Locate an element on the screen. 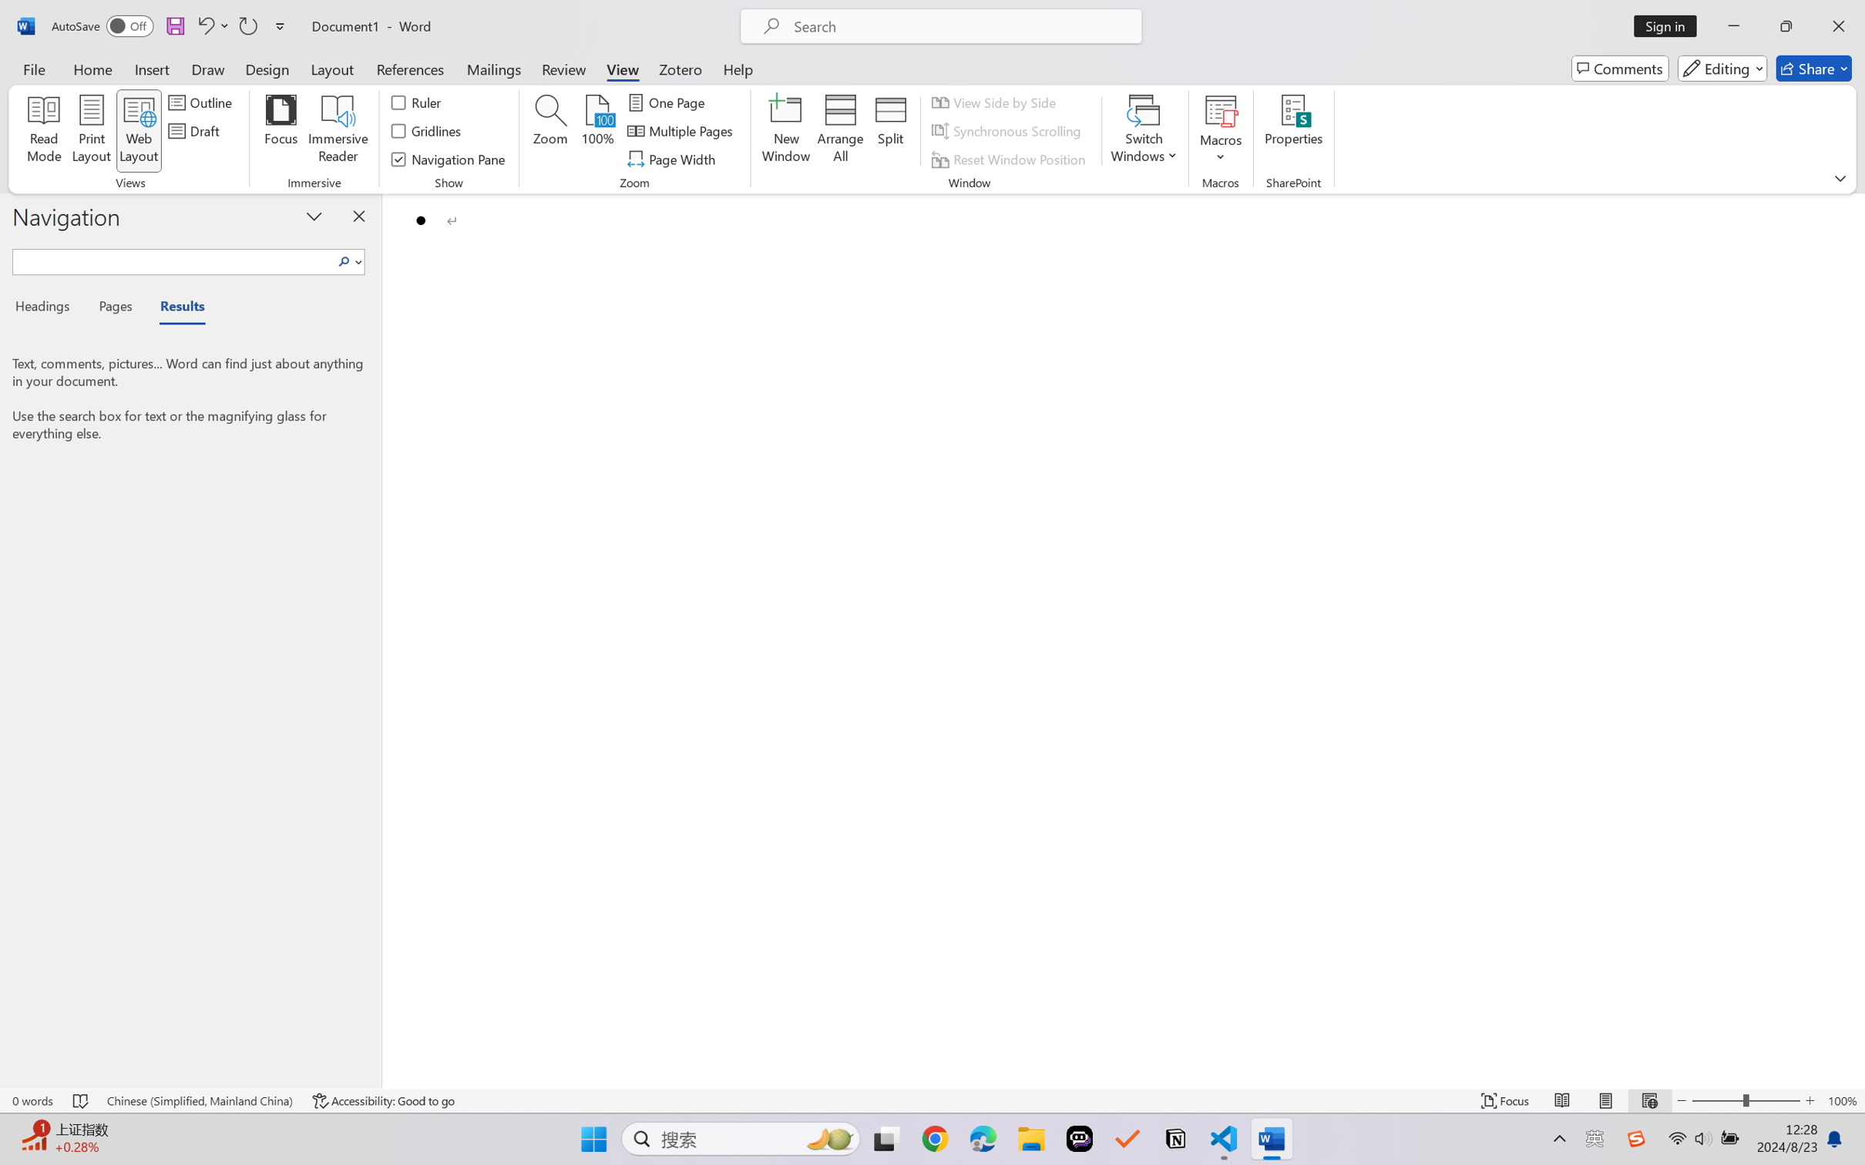  'View Macros' is located at coordinates (1220, 110).